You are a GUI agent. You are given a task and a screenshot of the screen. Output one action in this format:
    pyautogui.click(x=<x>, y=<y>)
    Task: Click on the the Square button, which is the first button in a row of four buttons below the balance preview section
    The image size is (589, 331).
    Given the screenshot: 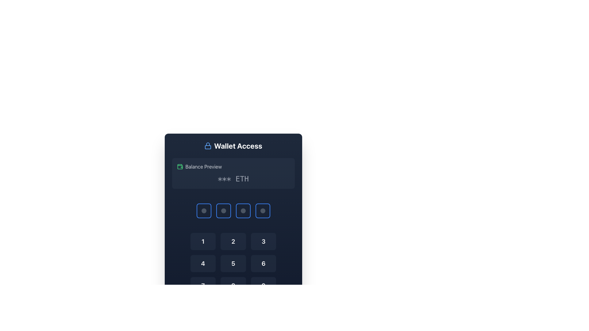 What is the action you would take?
    pyautogui.click(x=204, y=210)
    